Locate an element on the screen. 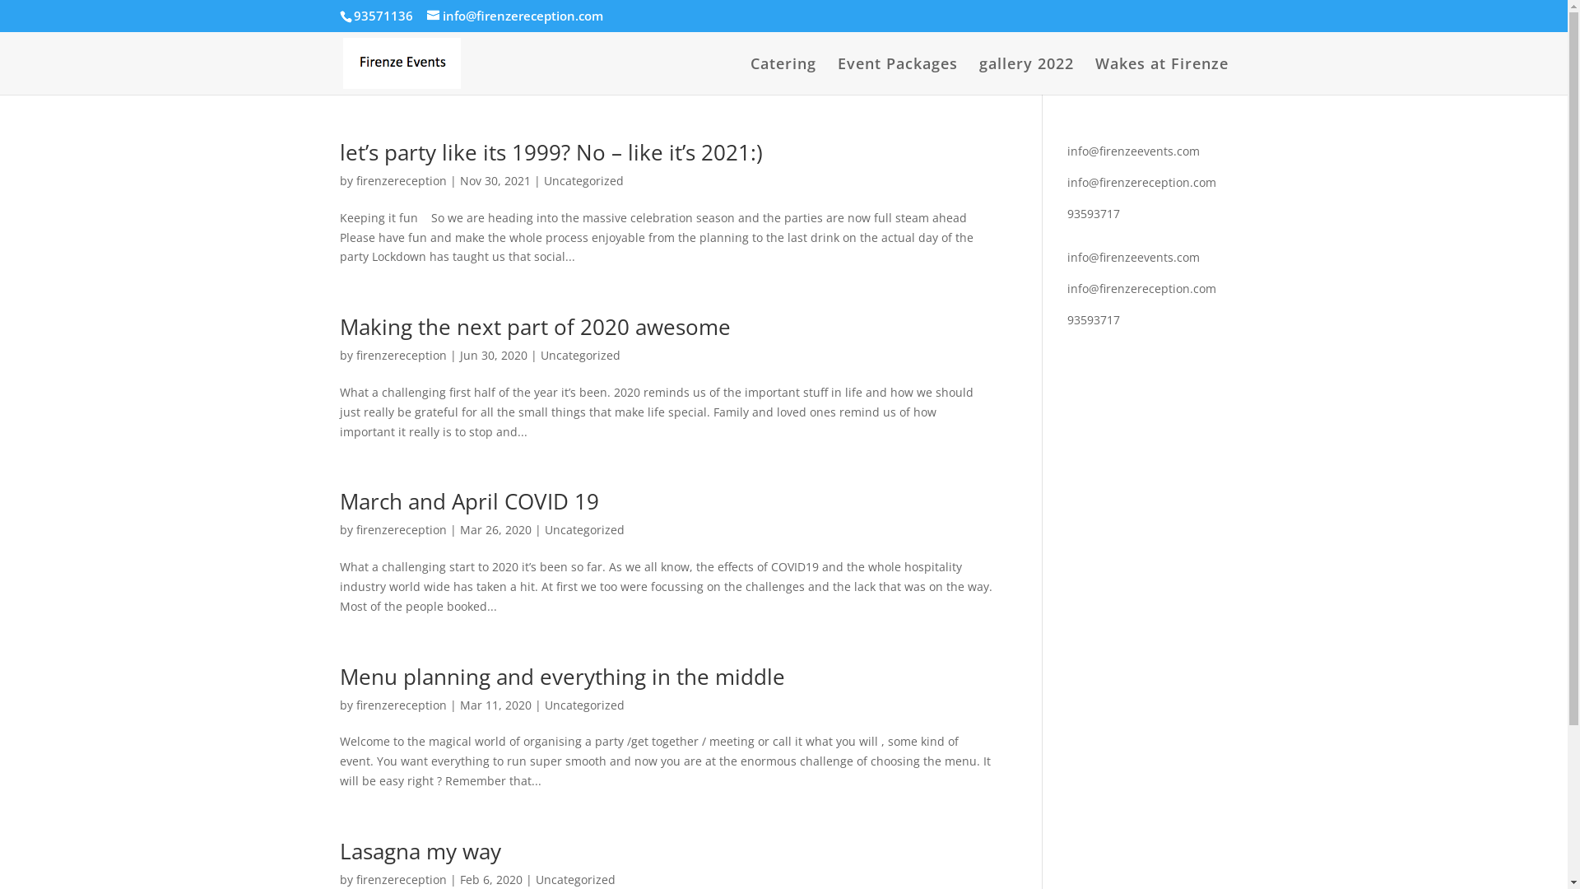  'Menu planning and everything in the middle' is located at coordinates (561, 676).